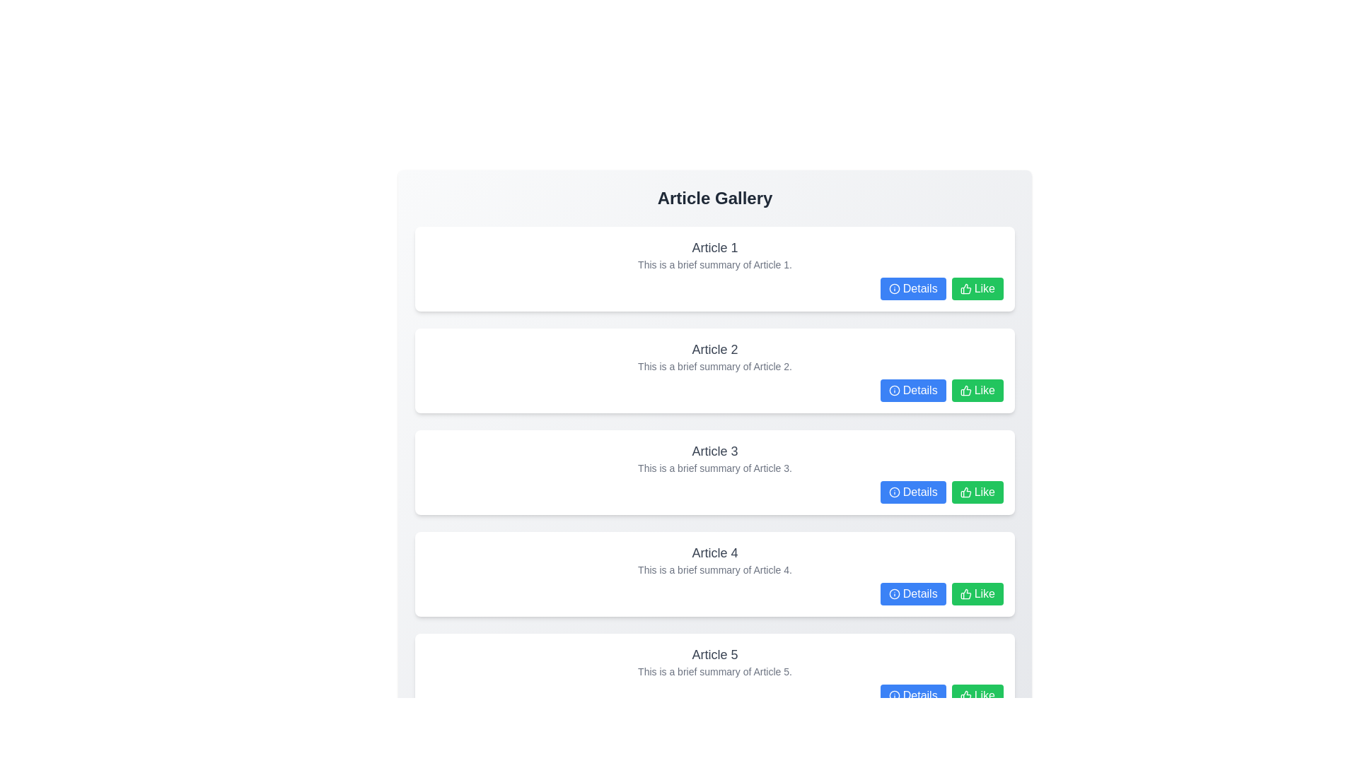 Image resolution: width=1358 pixels, height=763 pixels. What do you see at coordinates (977, 492) in the screenshot?
I see `the green 'Like' button with a thumbs-up icon, located in the same row as the blue 'Details' button, for visual feedback` at bounding box center [977, 492].